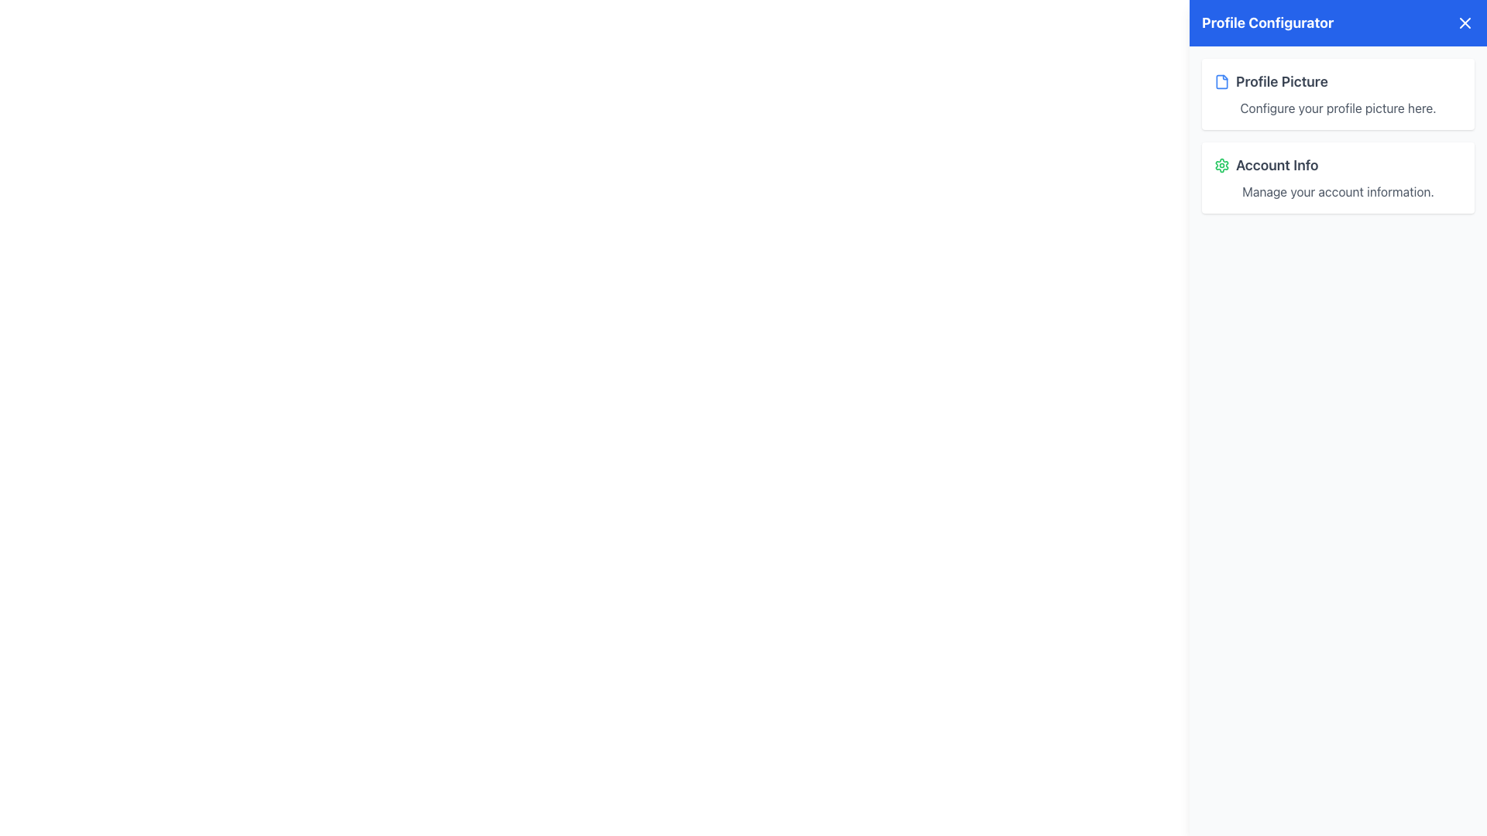  Describe the element at coordinates (1464, 23) in the screenshot. I see `the 'X' close button located at the top-right corner of the blue header panel labeled 'Profile Configurator'` at that location.